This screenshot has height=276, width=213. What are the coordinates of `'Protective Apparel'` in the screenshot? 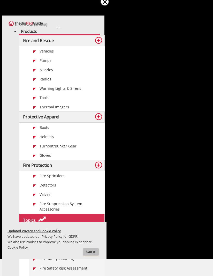 It's located at (41, 116).